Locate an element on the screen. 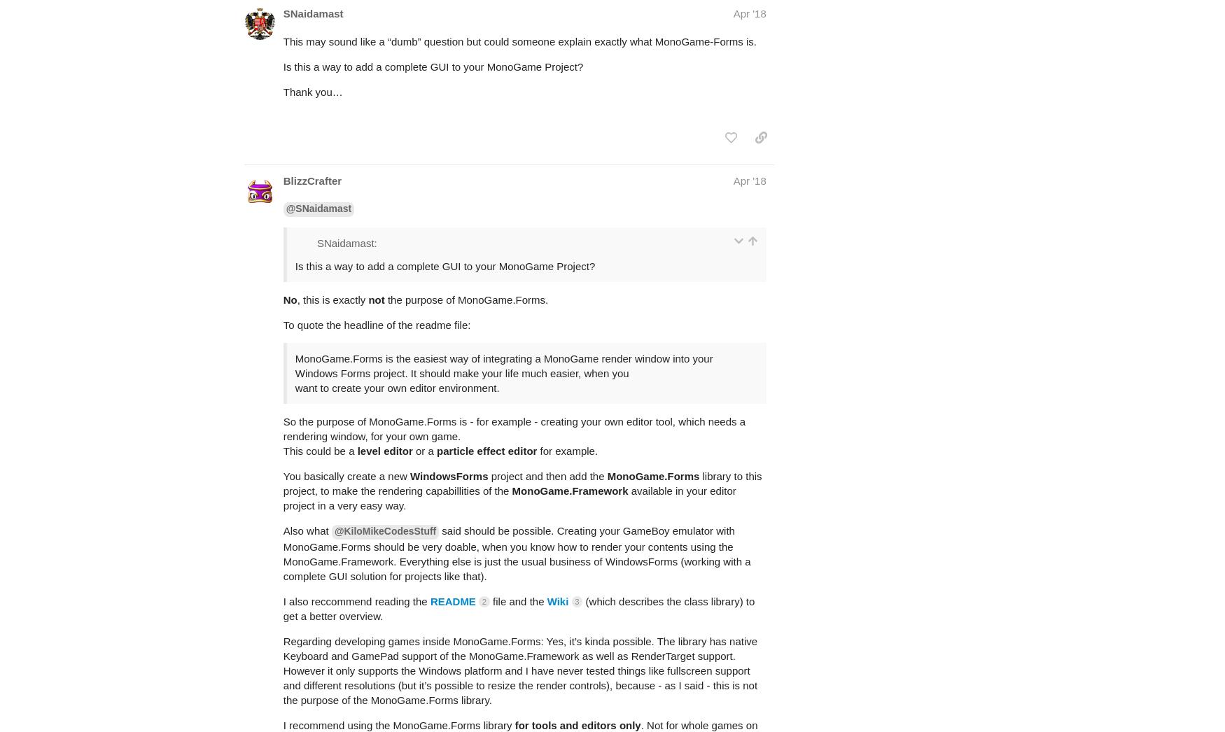 The image size is (1225, 732). 'Wiki' is located at coordinates (546, 545).